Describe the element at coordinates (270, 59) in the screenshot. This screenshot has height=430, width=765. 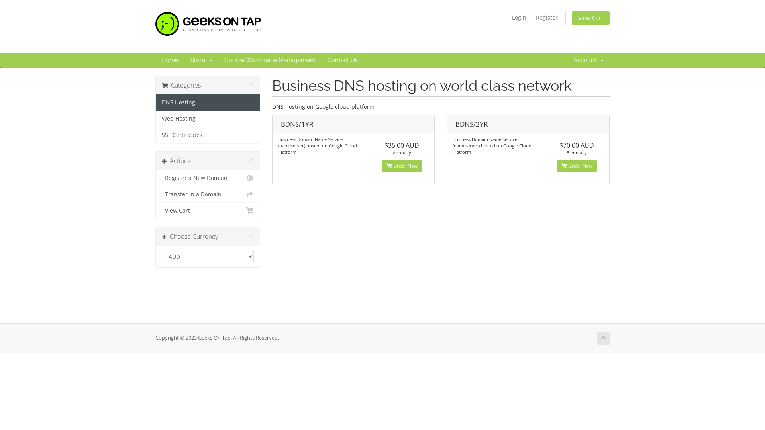
I see `'Google Workspace Management'` at that location.